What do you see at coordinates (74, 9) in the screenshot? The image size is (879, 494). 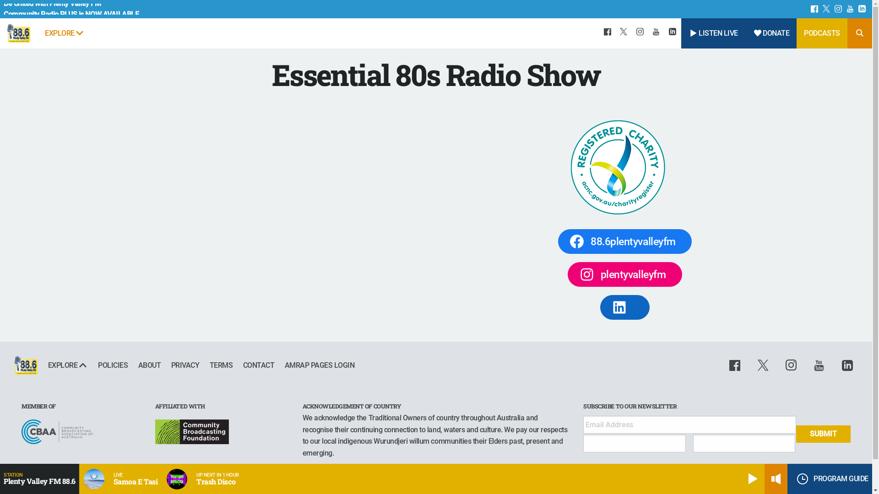 I see `'Be United with Plenty Valley FM'` at bounding box center [74, 9].